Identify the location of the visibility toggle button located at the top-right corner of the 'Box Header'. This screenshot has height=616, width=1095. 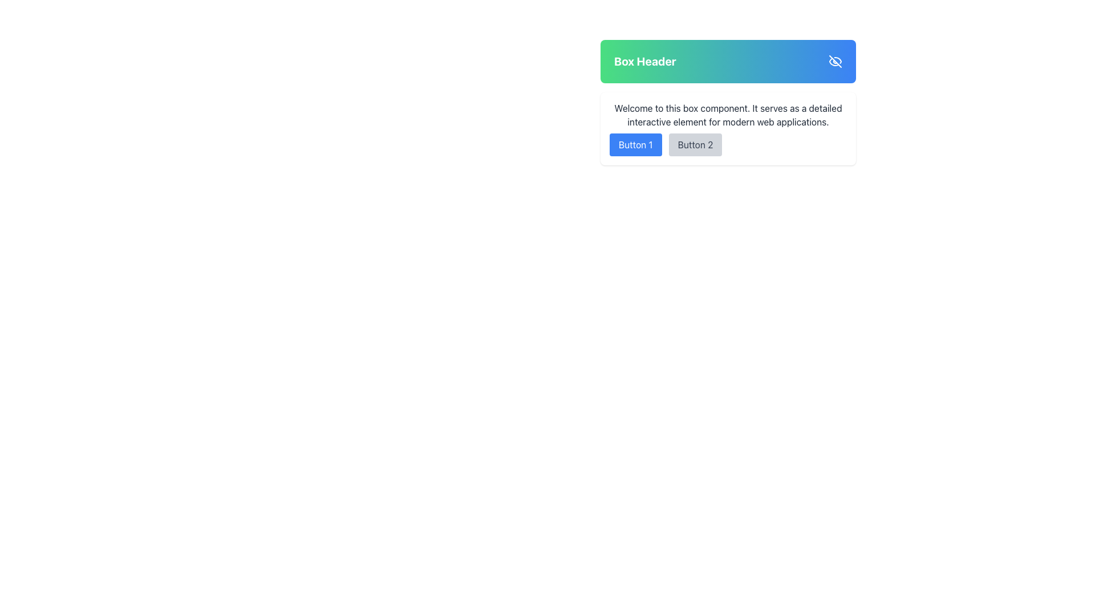
(835, 62).